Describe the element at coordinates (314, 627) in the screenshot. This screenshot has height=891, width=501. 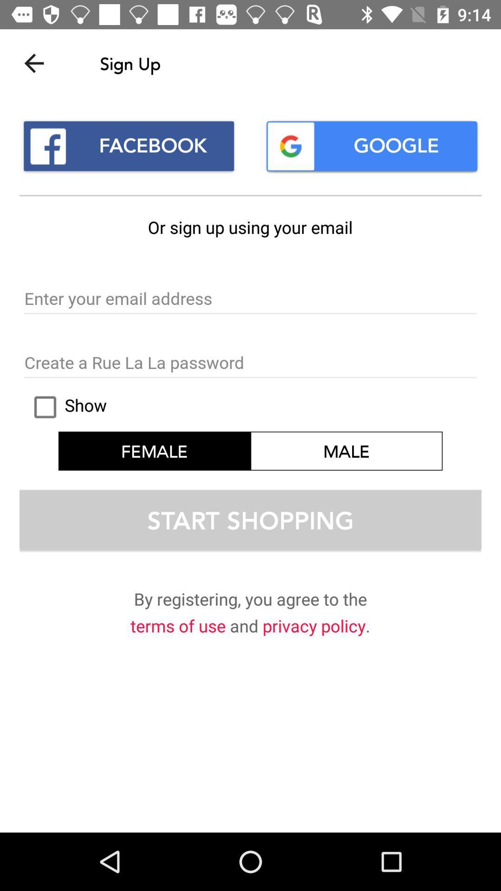
I see `the privacy policy item` at that location.